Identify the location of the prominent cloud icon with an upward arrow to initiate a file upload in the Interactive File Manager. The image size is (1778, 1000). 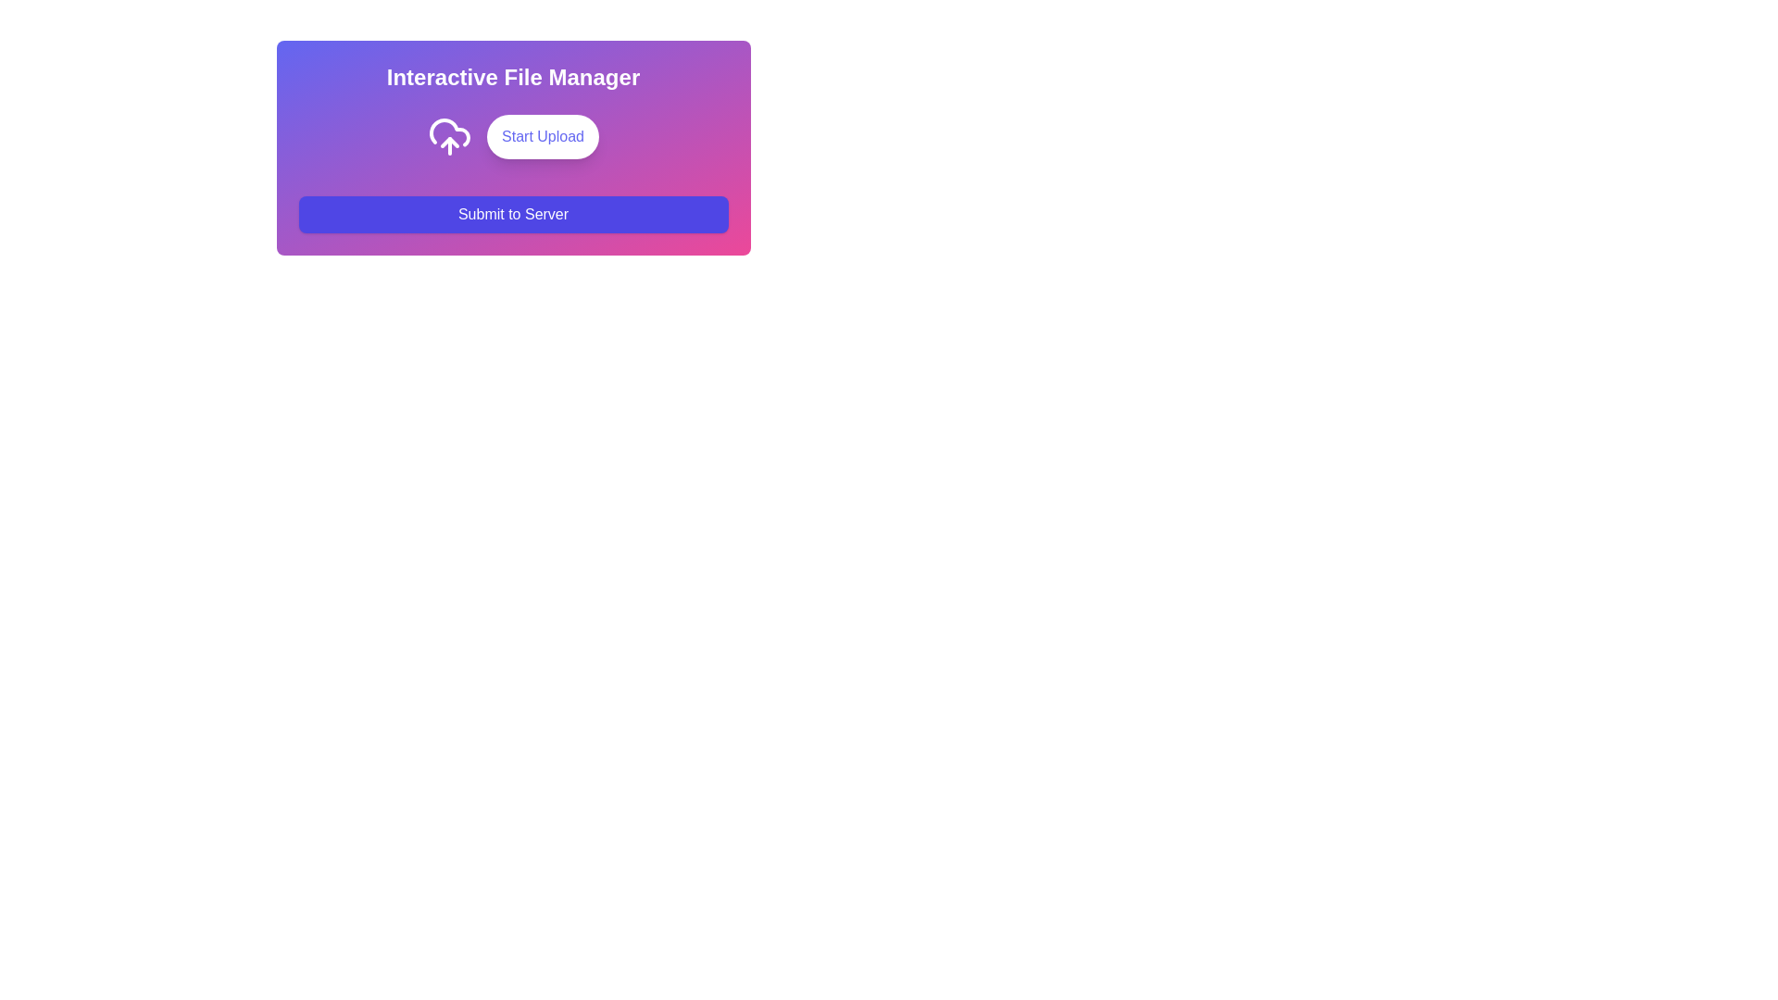
(449, 135).